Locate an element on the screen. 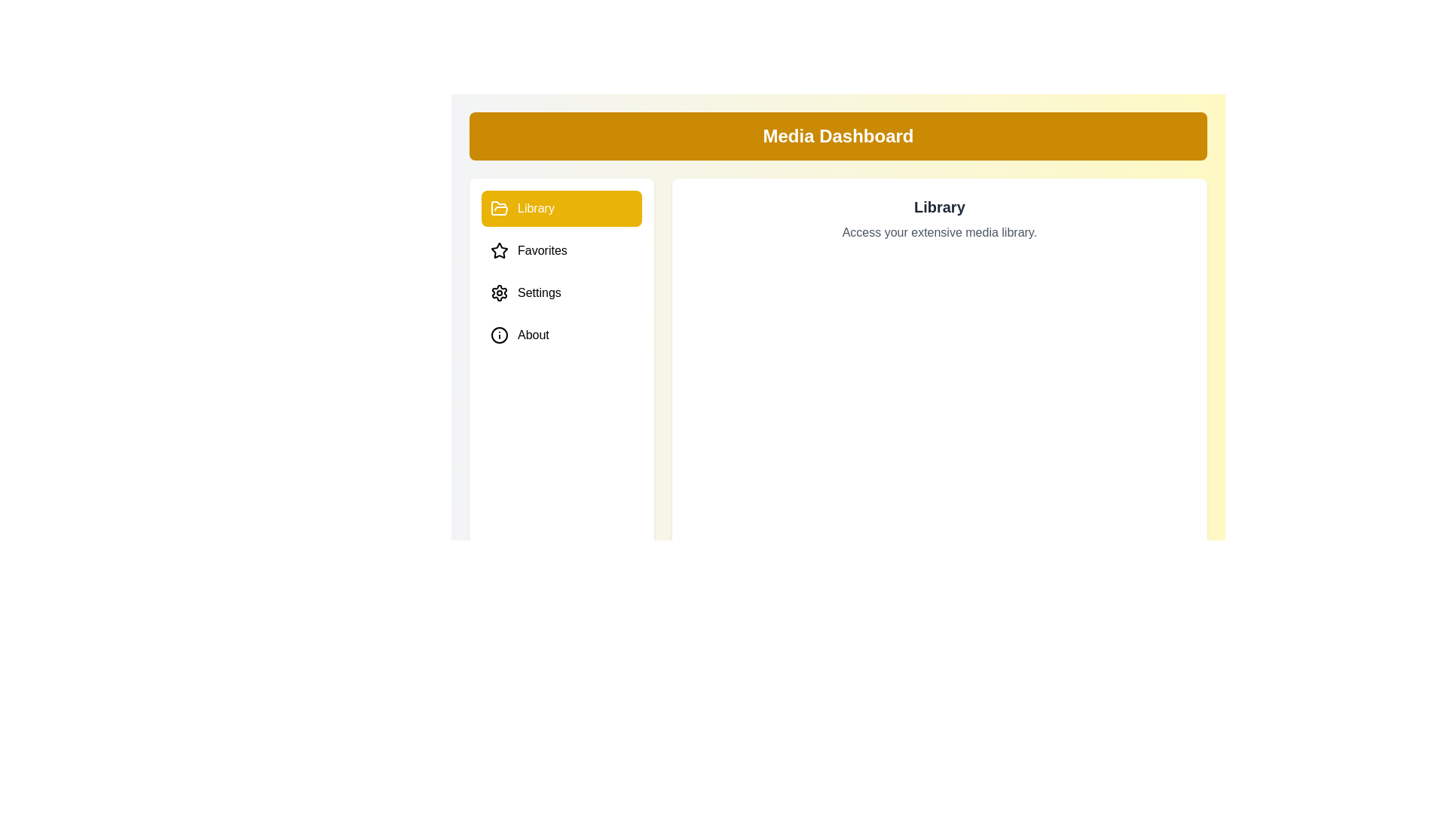 Image resolution: width=1447 pixels, height=814 pixels. the Library tab by clicking on its corresponding menu item is located at coordinates (561, 209).